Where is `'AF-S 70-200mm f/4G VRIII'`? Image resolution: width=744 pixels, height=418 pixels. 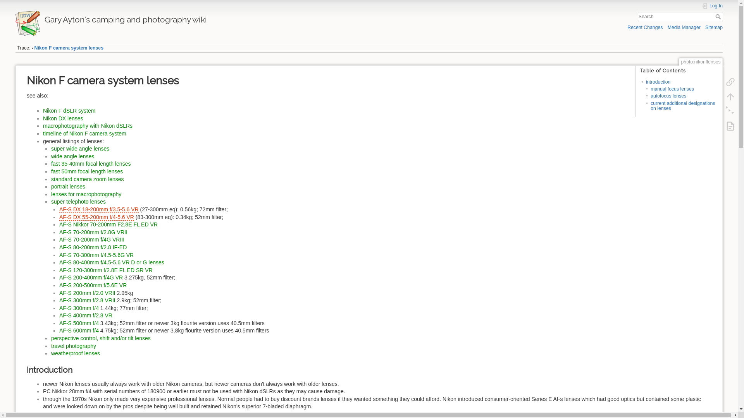
'AF-S 70-200mm f/4G VRIII' is located at coordinates (91, 239).